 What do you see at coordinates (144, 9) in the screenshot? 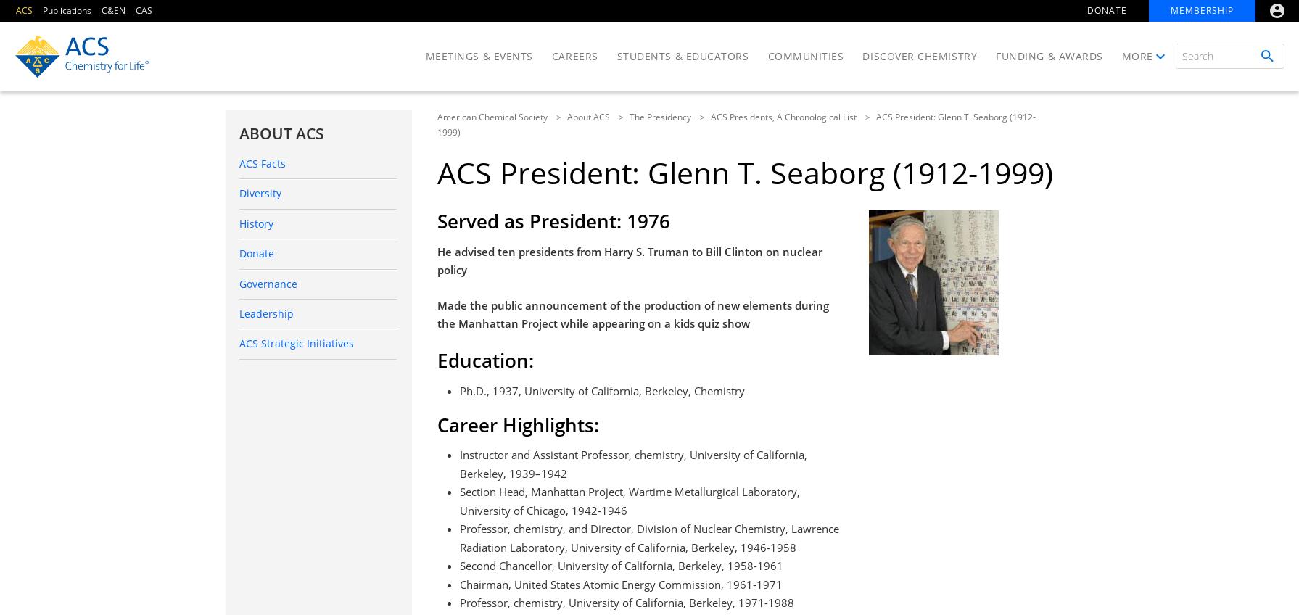
I see `'CAS'` at bounding box center [144, 9].